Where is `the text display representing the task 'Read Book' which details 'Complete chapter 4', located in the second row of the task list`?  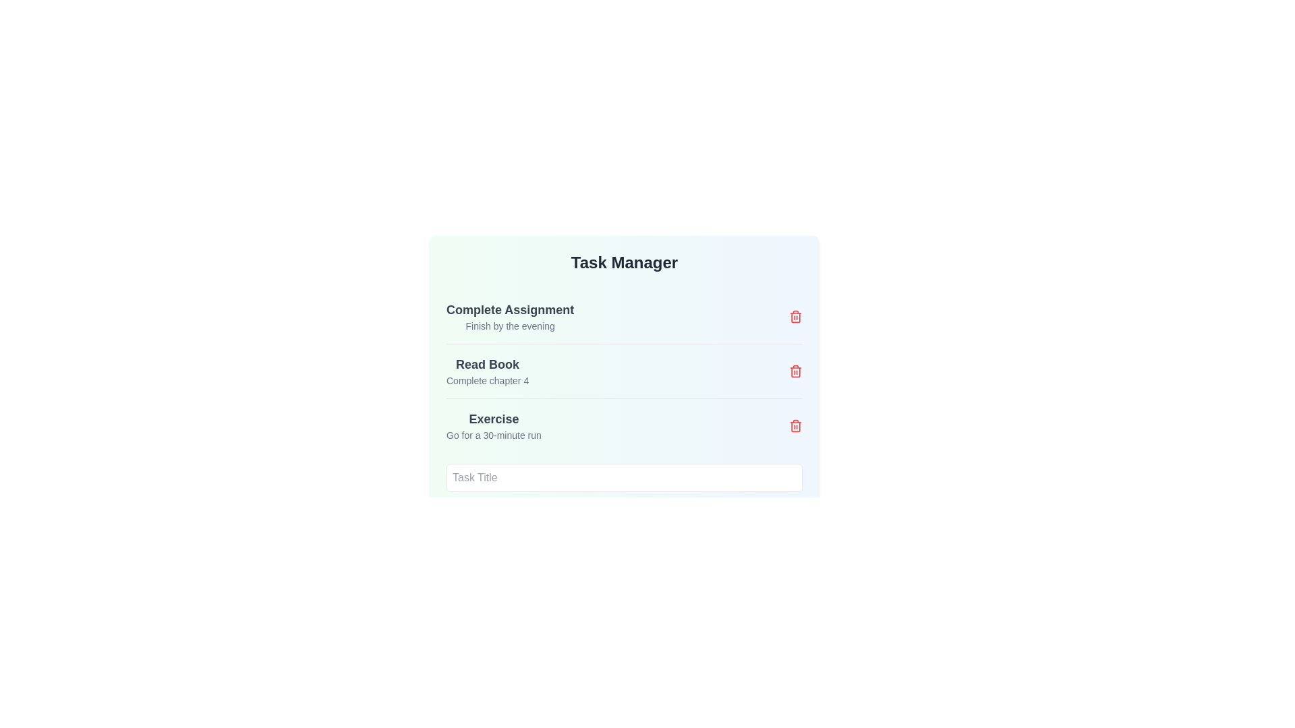
the text display representing the task 'Read Book' which details 'Complete chapter 4', located in the second row of the task list is located at coordinates (487, 371).